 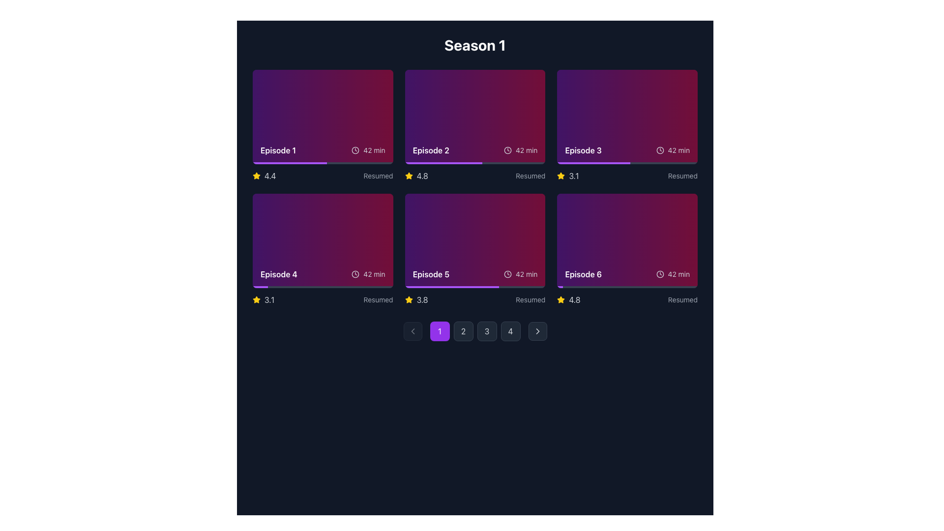 What do you see at coordinates (451, 287) in the screenshot?
I see `the progress bar of the card labeled 'Episode 5' located in the second row, third column of the grid layout by clicking on it` at bounding box center [451, 287].